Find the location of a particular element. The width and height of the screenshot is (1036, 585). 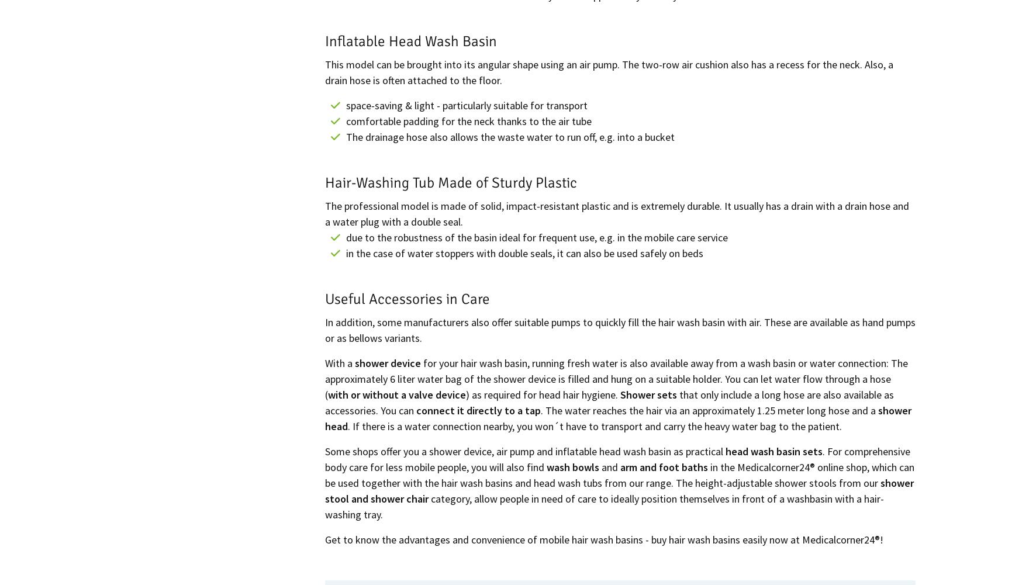

'. The water reaches the hair via an approximately 1.25 meter long hose and a' is located at coordinates (540, 409).